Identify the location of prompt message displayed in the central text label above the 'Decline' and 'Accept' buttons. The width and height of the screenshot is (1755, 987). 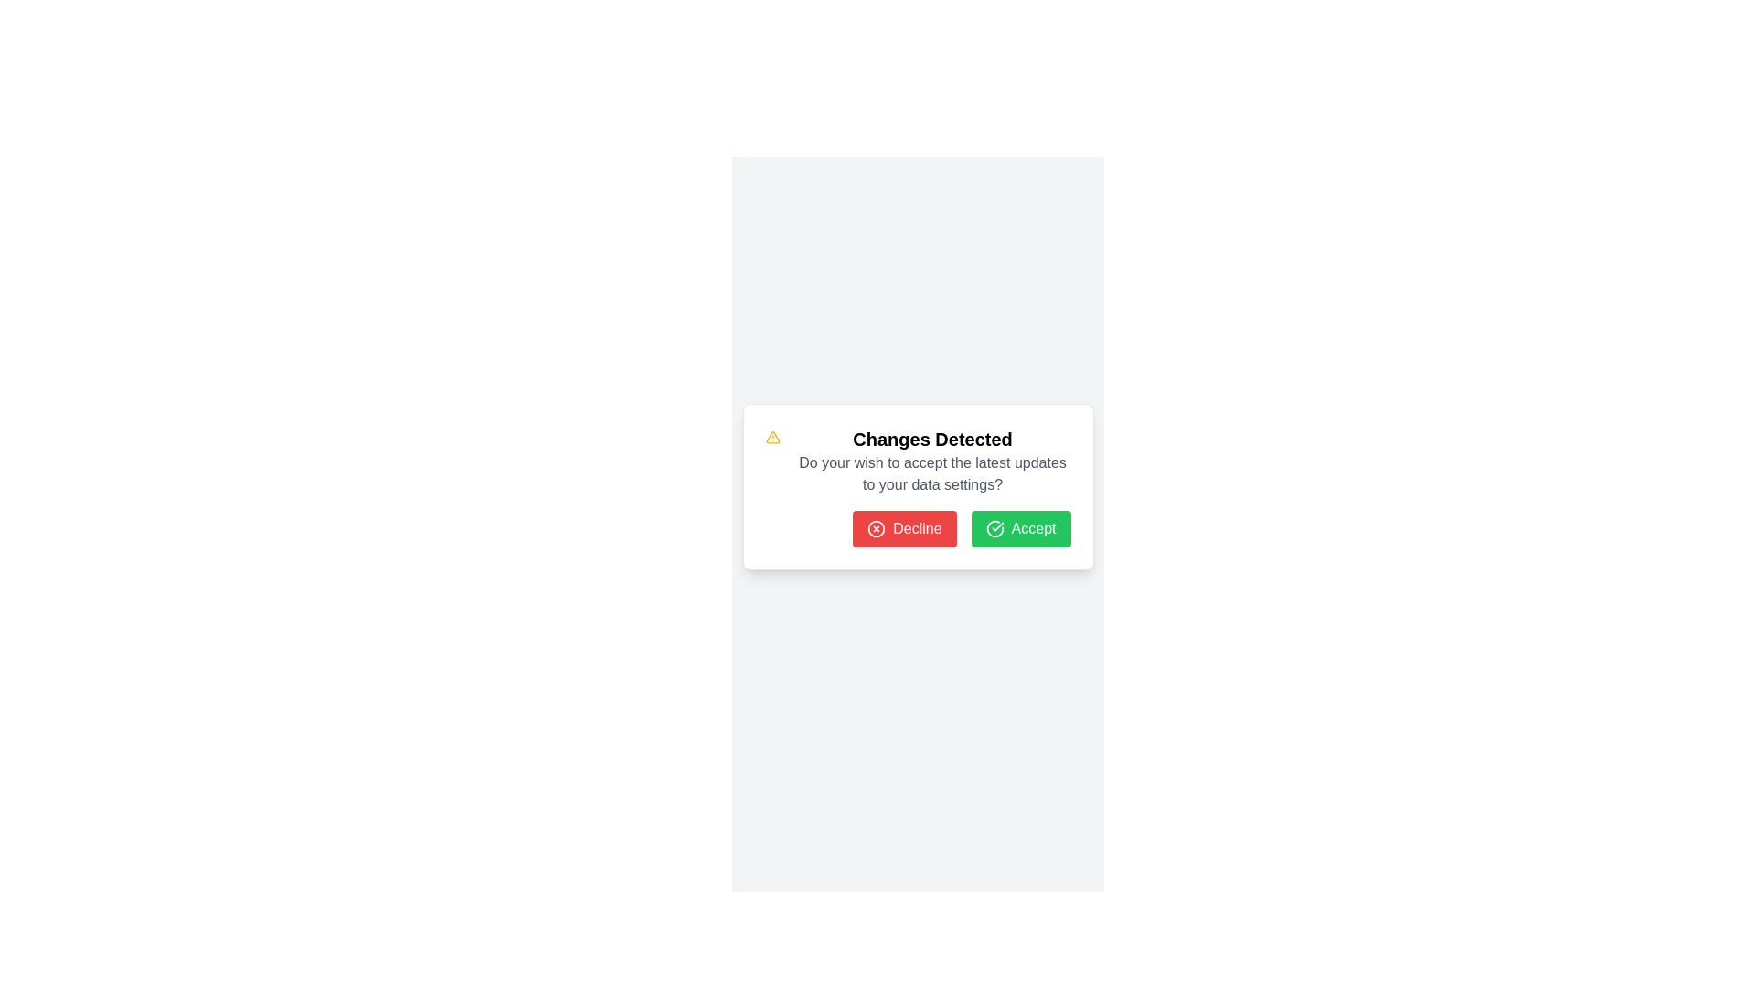
(932, 461).